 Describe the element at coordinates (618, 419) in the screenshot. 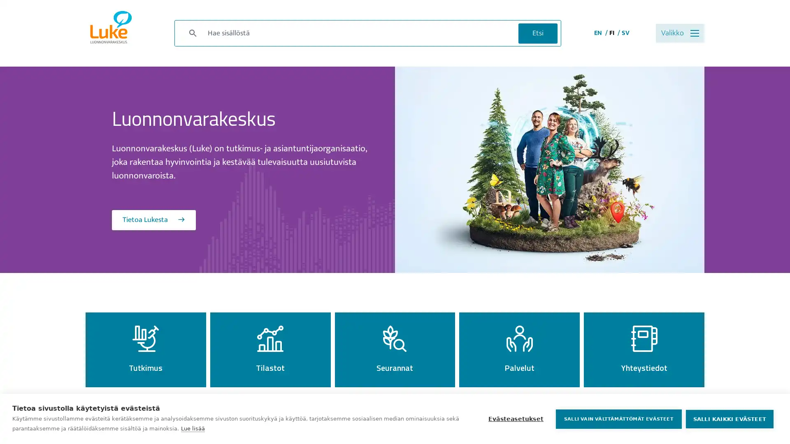

I see `SALLI VAIN VALTTAMATTOMAT EVASTEET` at that location.